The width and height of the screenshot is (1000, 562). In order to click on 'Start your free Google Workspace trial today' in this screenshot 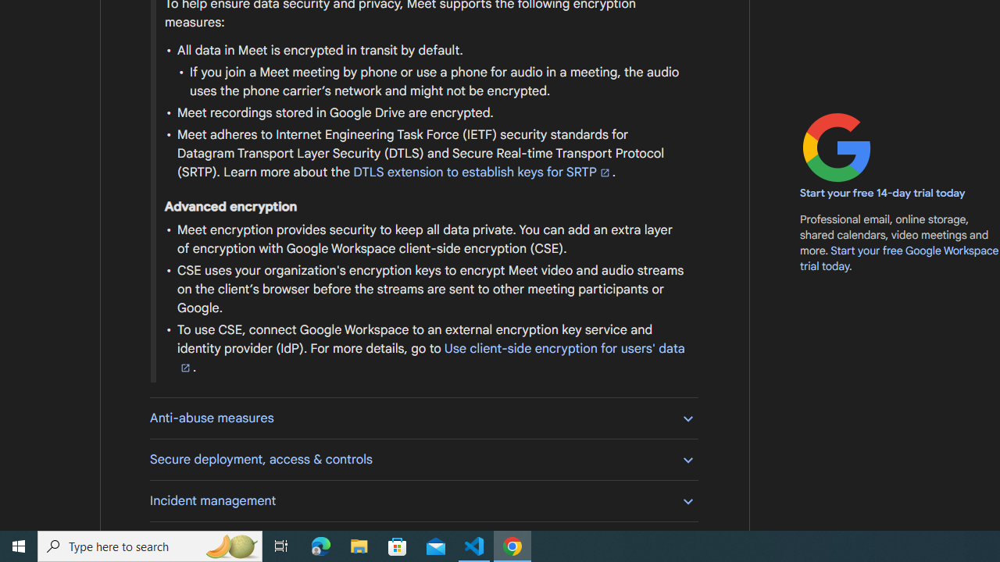, I will do `click(899, 257)`.